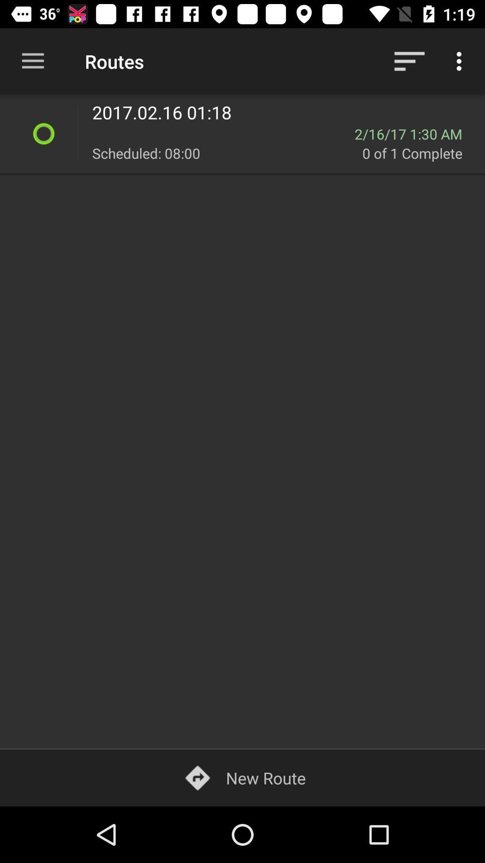  Describe the element at coordinates (227, 153) in the screenshot. I see `the item to the left of 0 of 1` at that location.